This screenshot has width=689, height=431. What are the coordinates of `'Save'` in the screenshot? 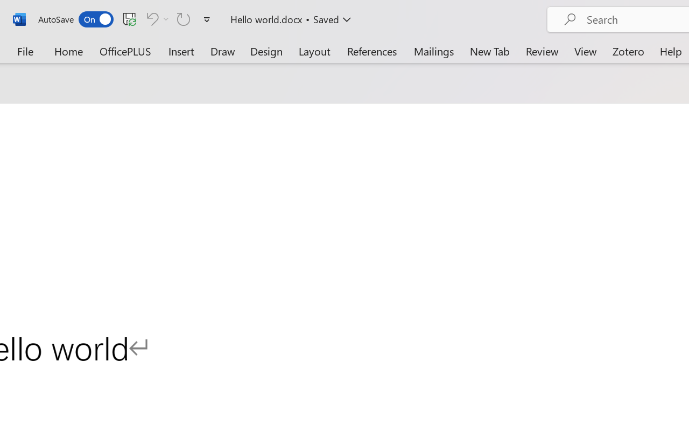 It's located at (129, 18).